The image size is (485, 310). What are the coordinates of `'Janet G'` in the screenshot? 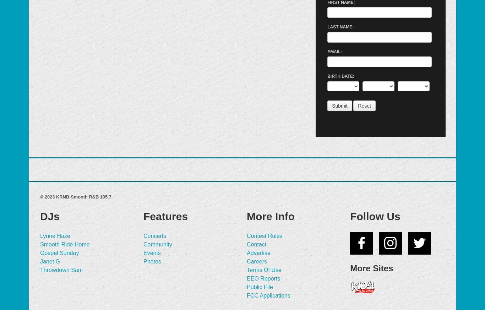 It's located at (49, 261).